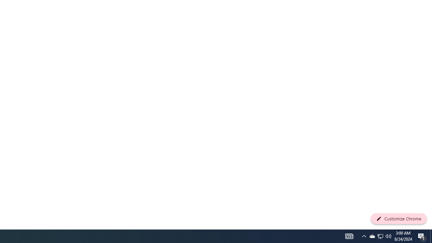  I want to click on 'Customize Chrome', so click(399, 219).